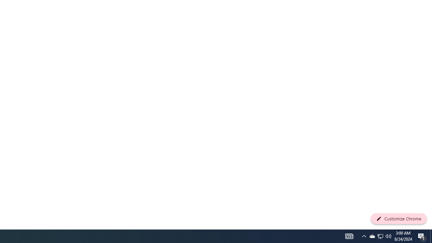  I want to click on 'Customize Chrome', so click(399, 219).